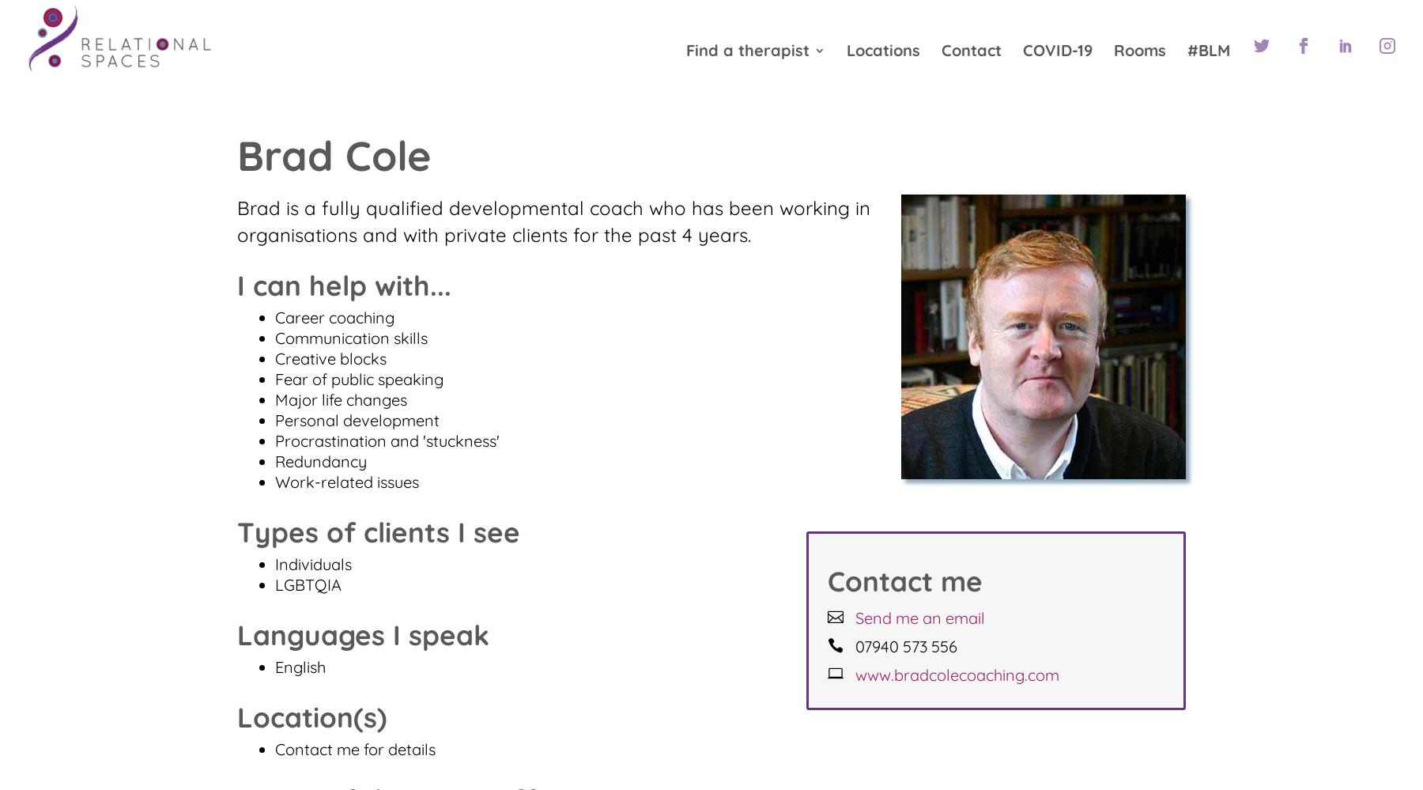 The image size is (1423, 790). Describe the element at coordinates (344, 285) in the screenshot. I see `'I can help with...'` at that location.